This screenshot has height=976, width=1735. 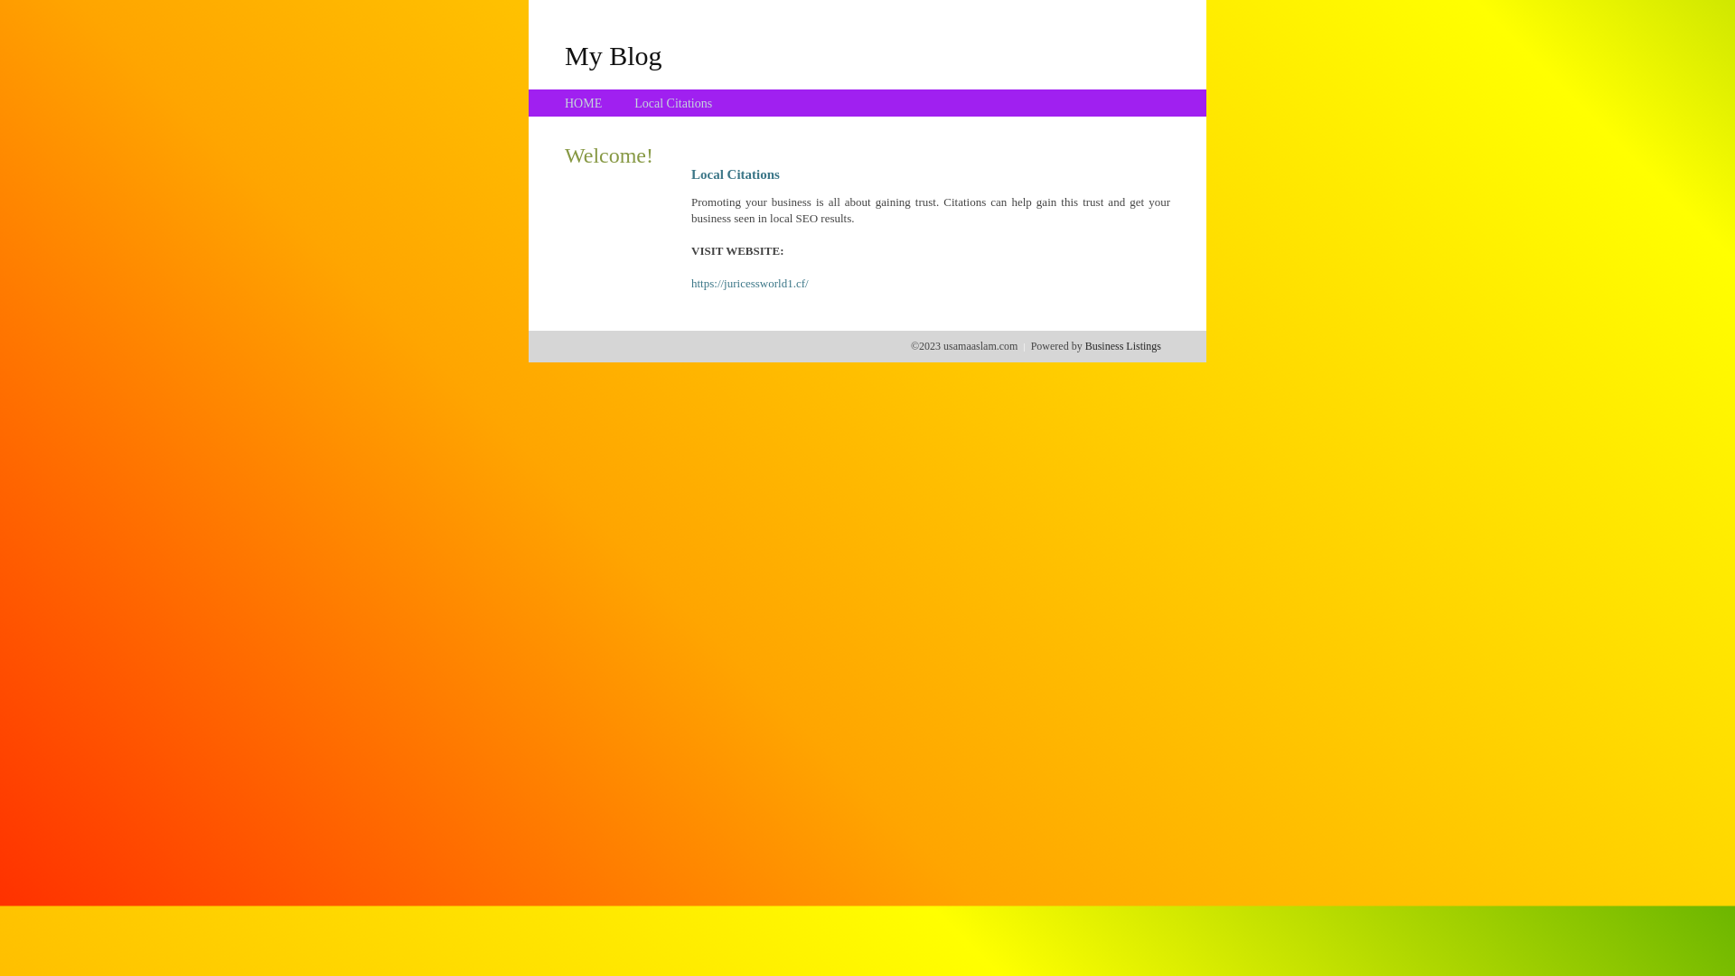 I want to click on 'My Blog', so click(x=563, y=54).